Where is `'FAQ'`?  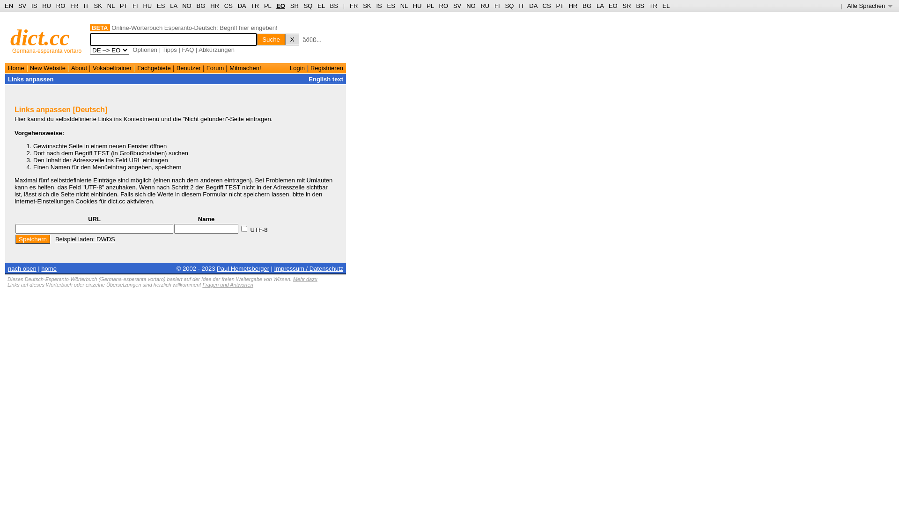
'FAQ' is located at coordinates (187, 50).